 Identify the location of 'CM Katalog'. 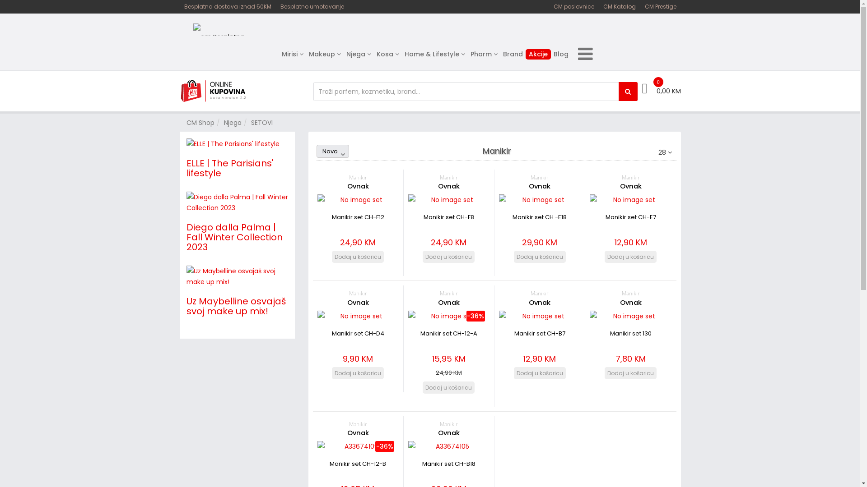
(598, 7).